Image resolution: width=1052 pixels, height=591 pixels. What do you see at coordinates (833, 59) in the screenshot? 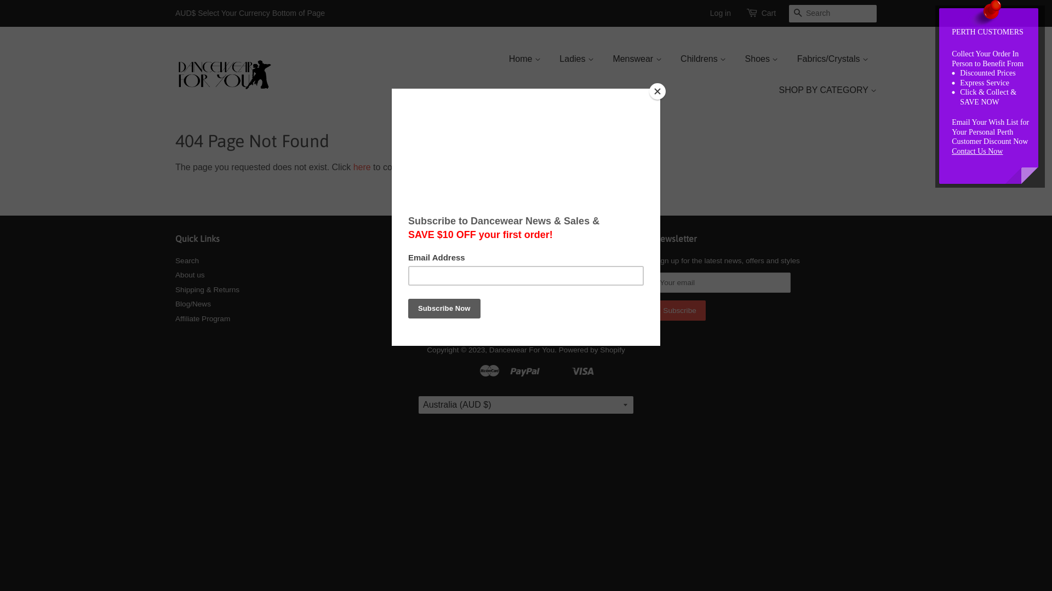
I see `'Fabrics/Crystals'` at bounding box center [833, 59].